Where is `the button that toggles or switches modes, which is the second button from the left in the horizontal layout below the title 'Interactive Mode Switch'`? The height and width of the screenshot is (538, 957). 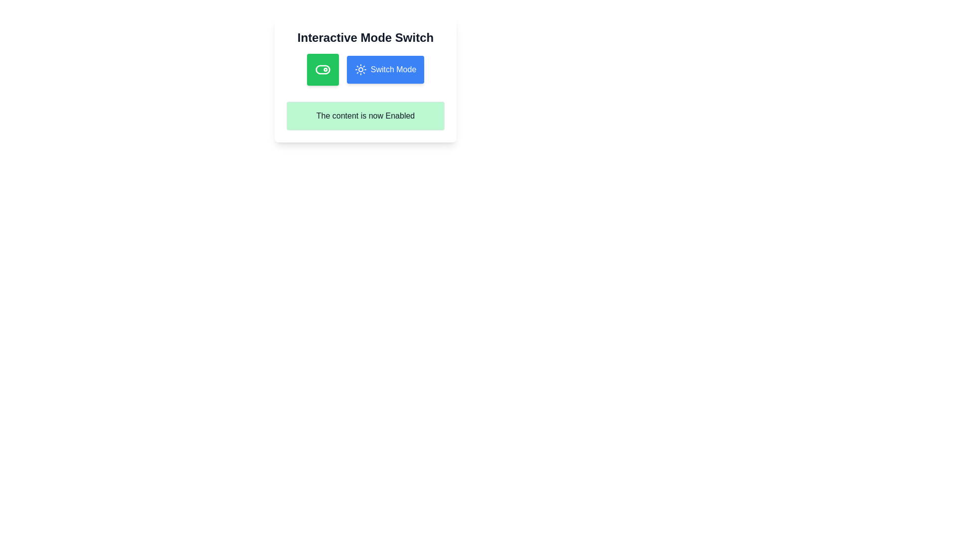
the button that toggles or switches modes, which is the second button from the left in the horizontal layout below the title 'Interactive Mode Switch' is located at coordinates (365, 80).